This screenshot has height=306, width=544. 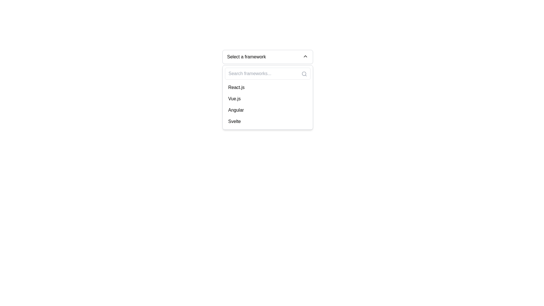 What do you see at coordinates (305, 56) in the screenshot?
I see `the small, upward-pointing chevron icon located to the far right inside the white rectangular drop-down menu trigger labeled 'Select a framework' for a visual response` at bounding box center [305, 56].